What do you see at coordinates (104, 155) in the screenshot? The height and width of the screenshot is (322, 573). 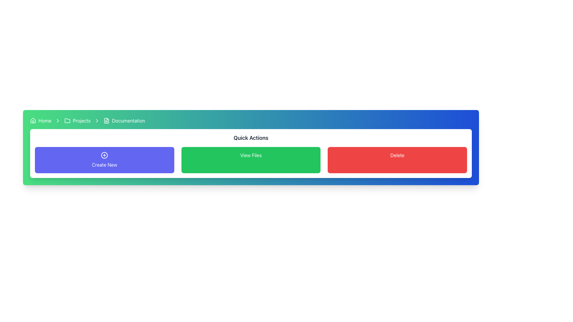 I see `the plus sign inside a circle graphical icon on the 'Create New' button, which is the leftmost button in the Quick Actions section` at bounding box center [104, 155].